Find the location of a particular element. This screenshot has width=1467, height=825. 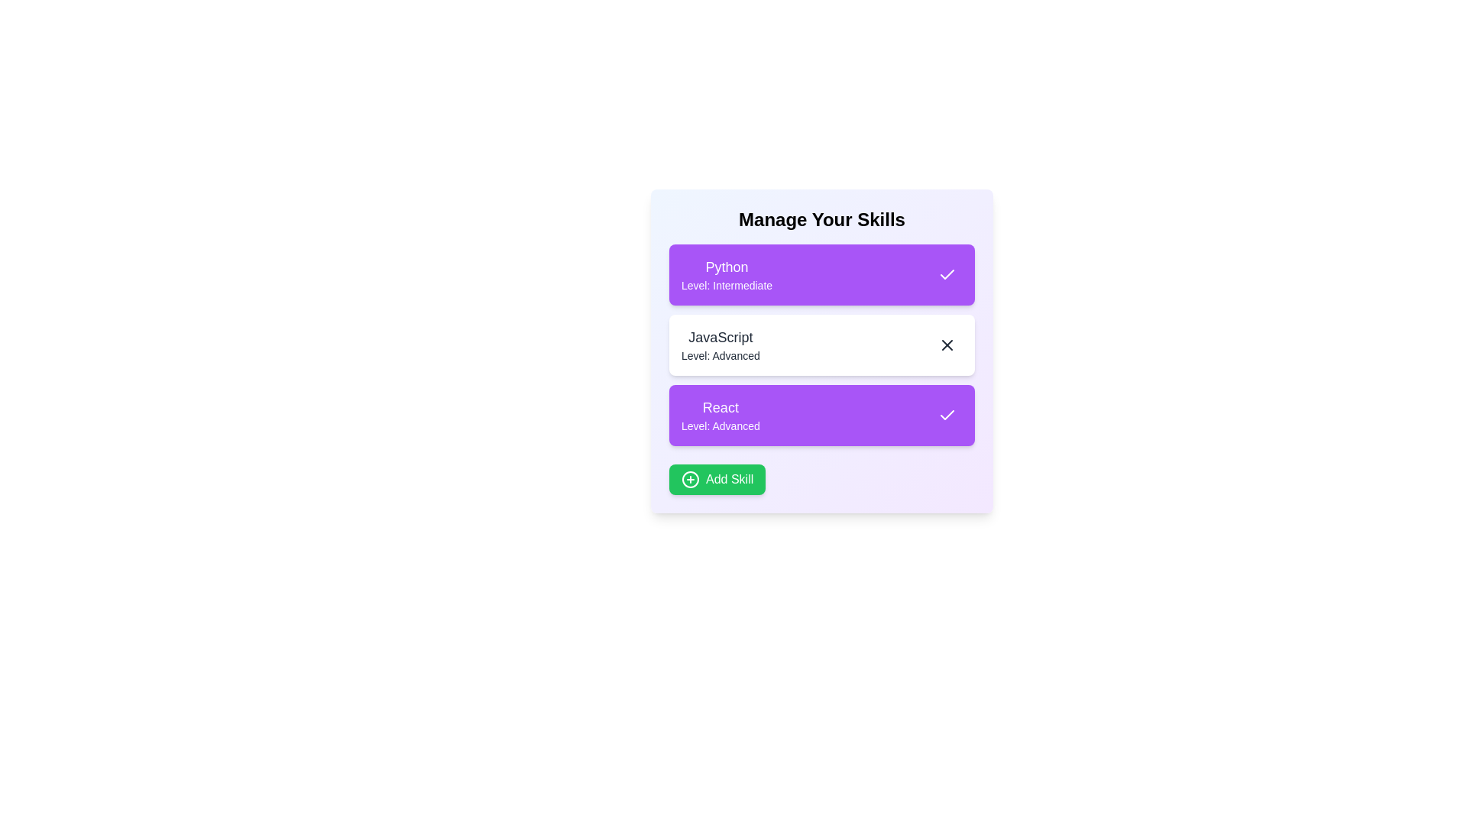

the skill item React to observe its hover effect is located at coordinates (821, 415).